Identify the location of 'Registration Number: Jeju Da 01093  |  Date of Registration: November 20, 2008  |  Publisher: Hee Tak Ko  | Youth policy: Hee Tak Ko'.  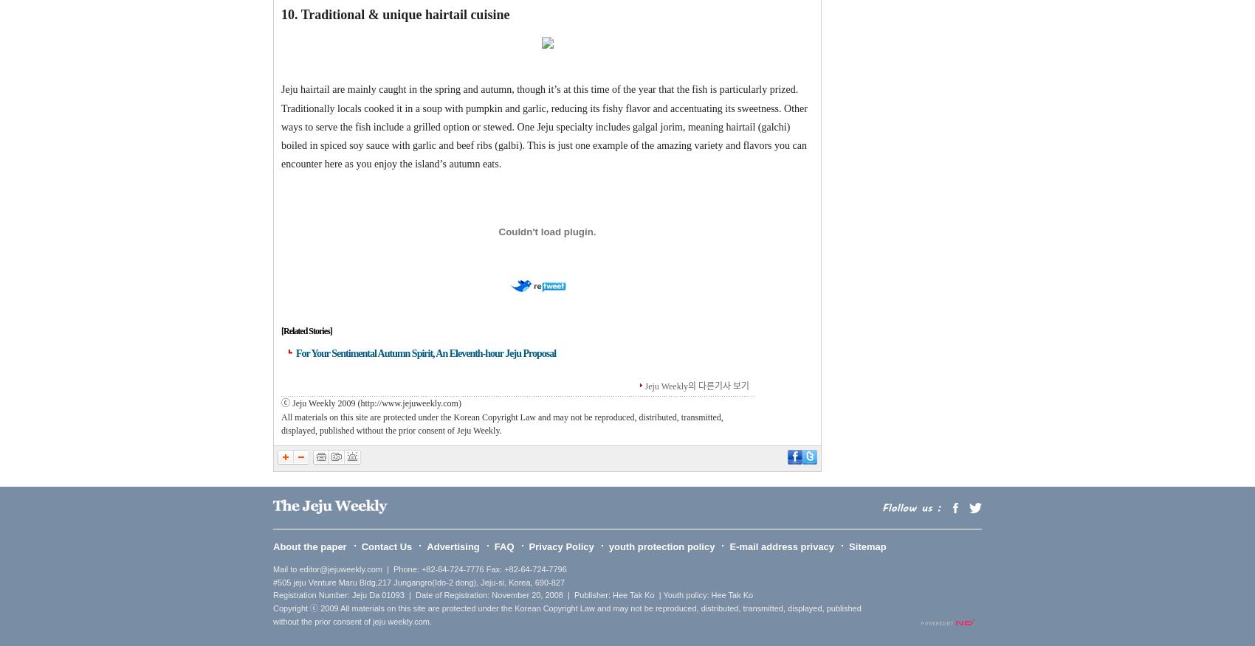
(512, 594).